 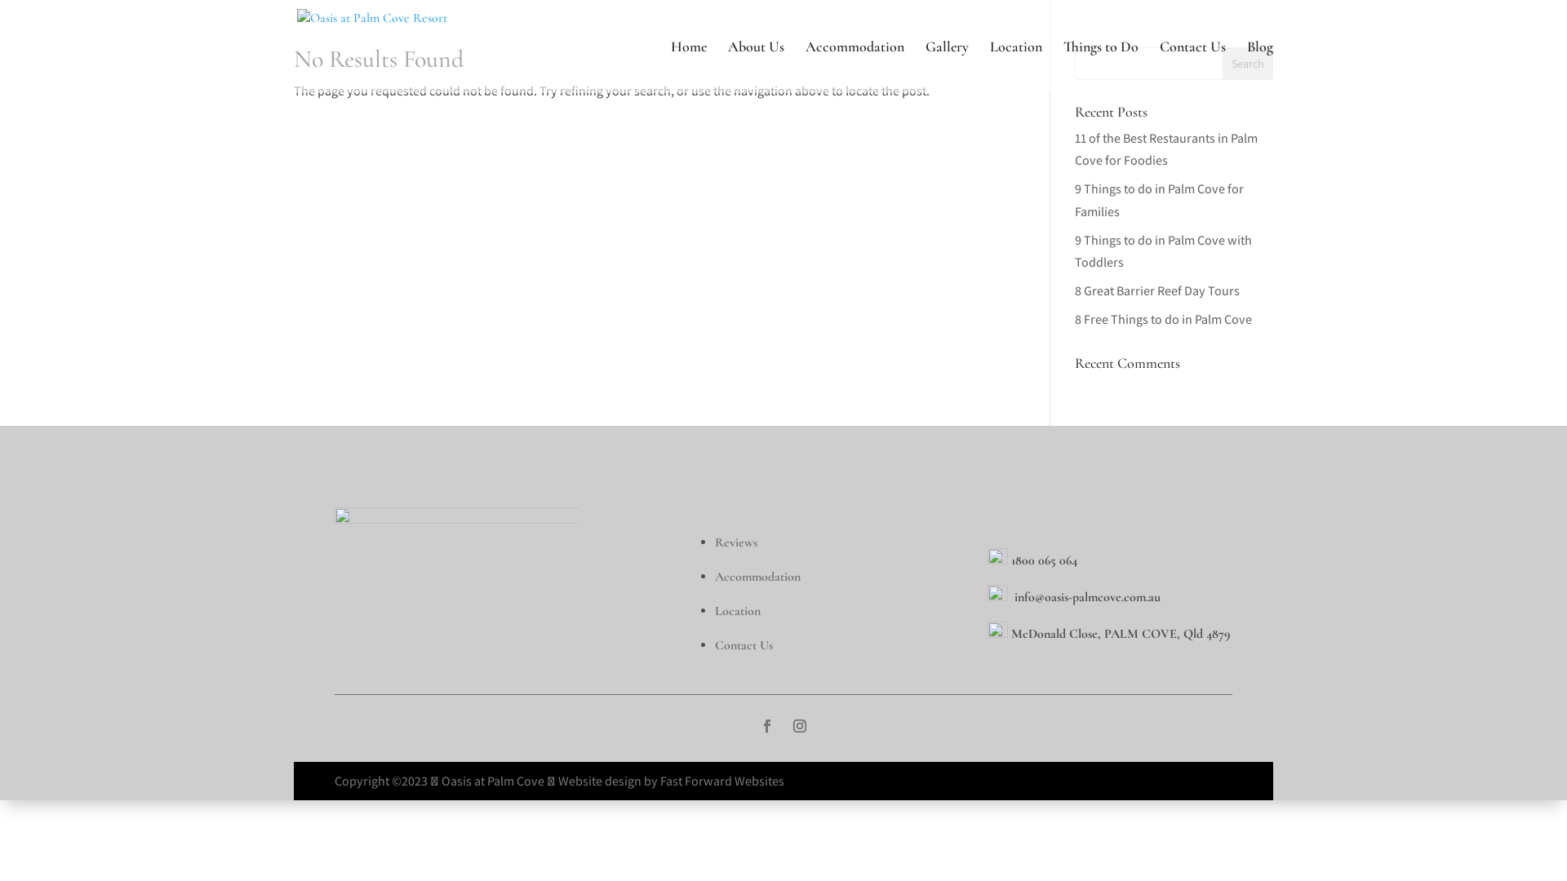 What do you see at coordinates (799, 725) in the screenshot?
I see `'Follow on Instagram'` at bounding box center [799, 725].